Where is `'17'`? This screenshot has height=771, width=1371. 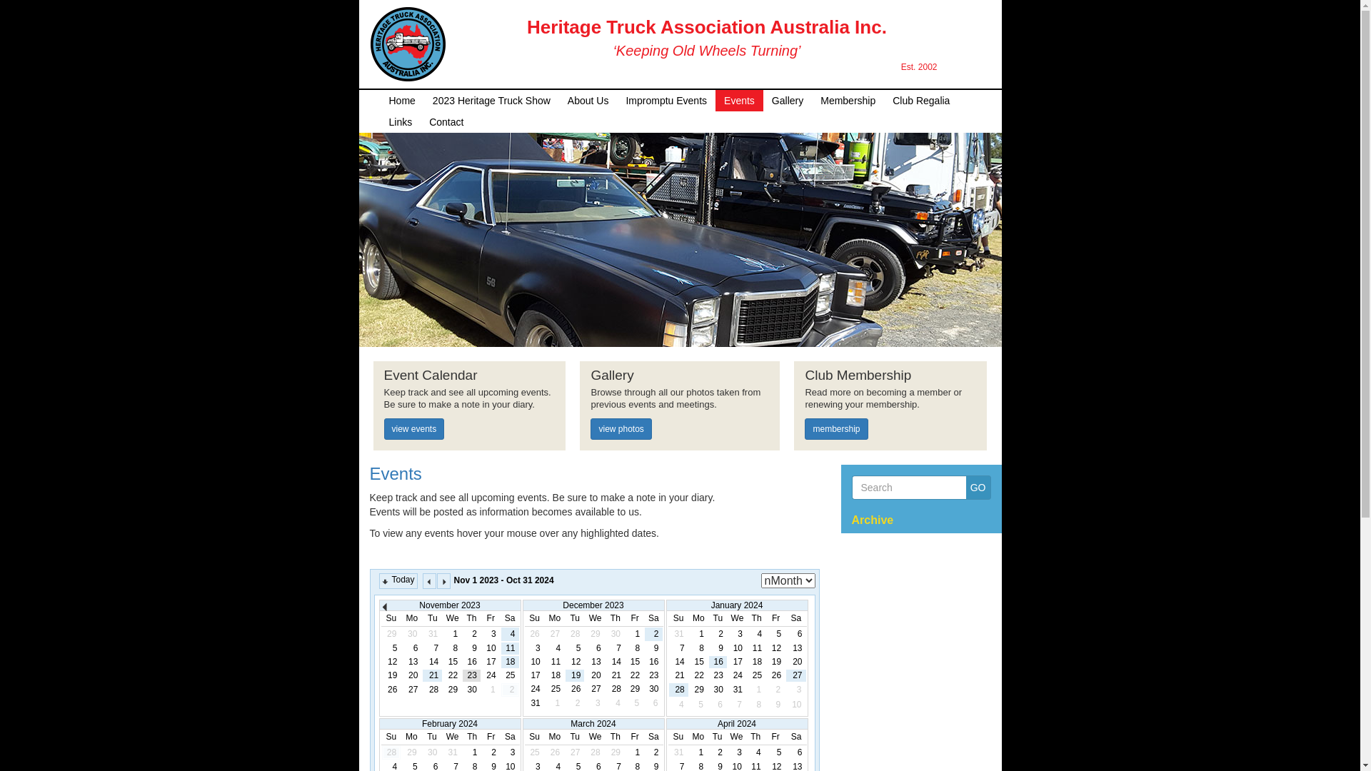
'17' is located at coordinates (533, 675).